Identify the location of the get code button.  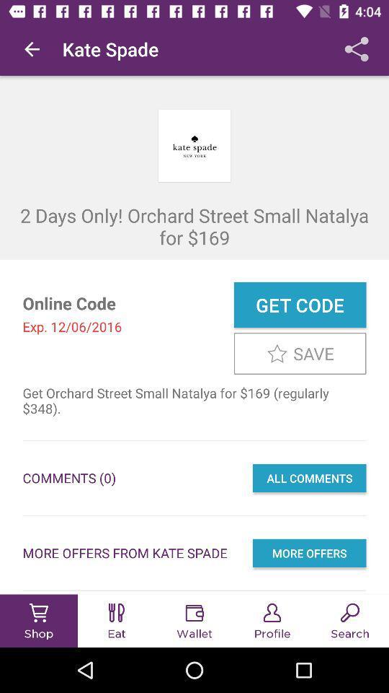
(299, 305).